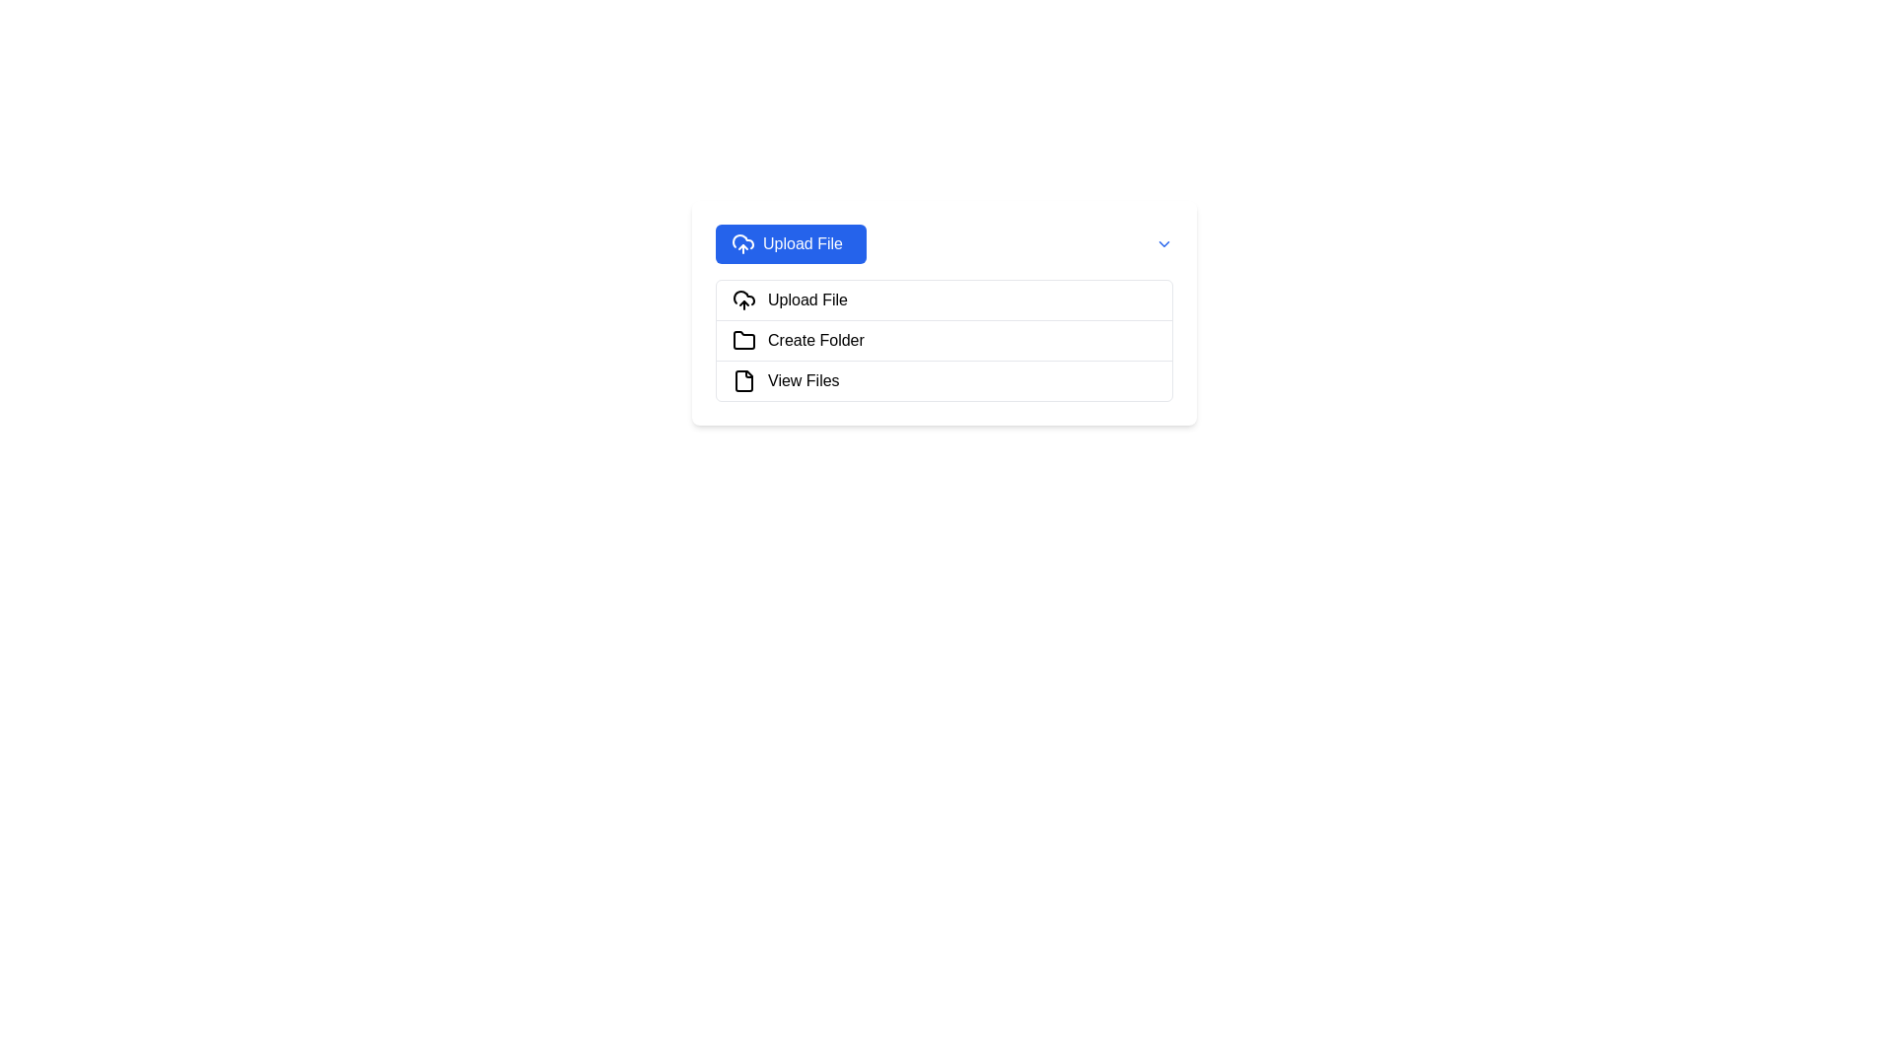 The height and width of the screenshot is (1064, 1893). What do you see at coordinates (742, 299) in the screenshot?
I see `the cloud upload icon, which is a decorative SVG located to the left of the 'Upload File' text in the dropdown interface` at bounding box center [742, 299].